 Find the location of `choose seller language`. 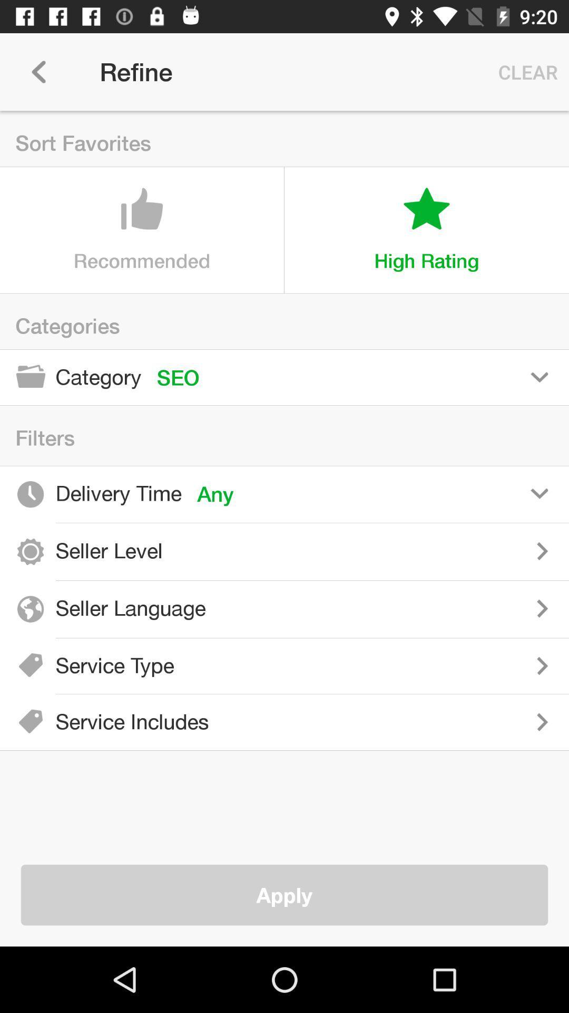

choose seller language is located at coordinates (395, 608).